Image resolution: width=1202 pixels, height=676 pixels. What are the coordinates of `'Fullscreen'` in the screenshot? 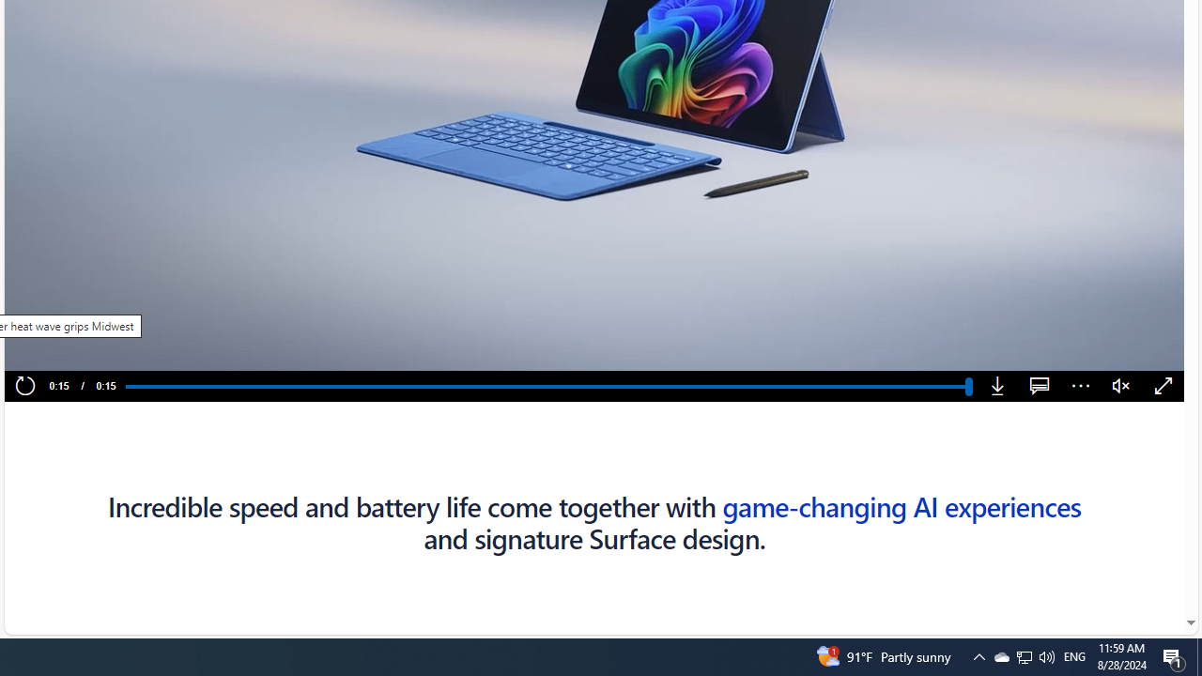 It's located at (1163, 386).